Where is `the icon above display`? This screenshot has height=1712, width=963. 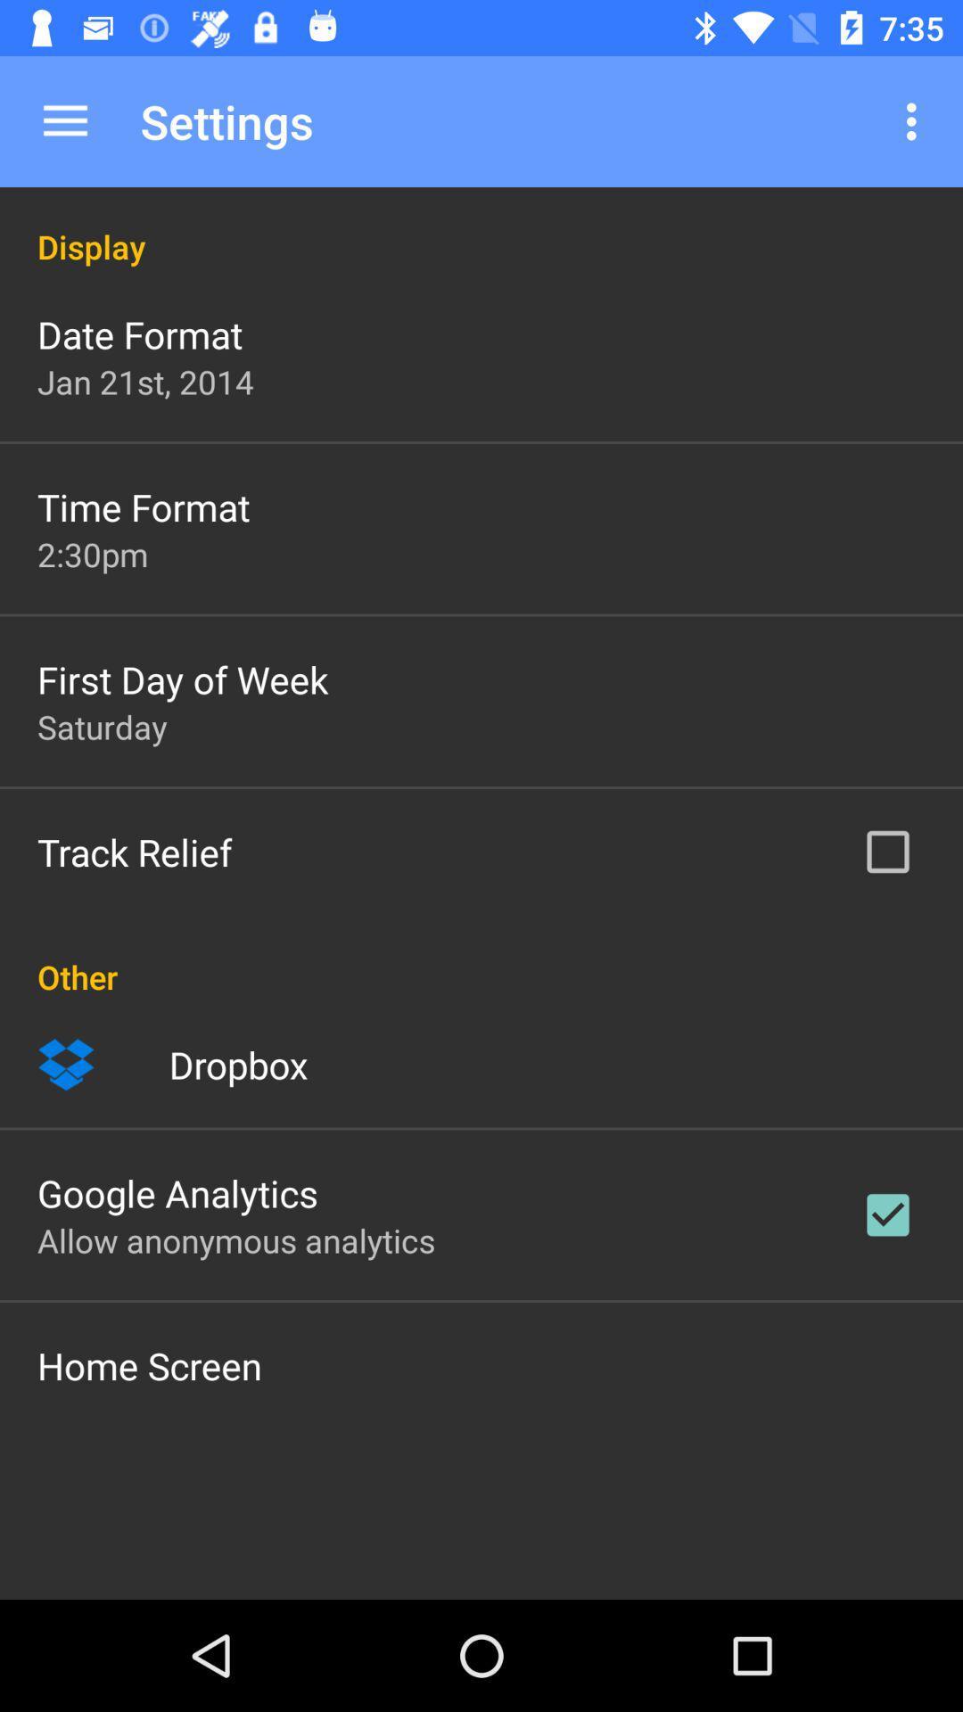 the icon above display is located at coordinates (64, 120).